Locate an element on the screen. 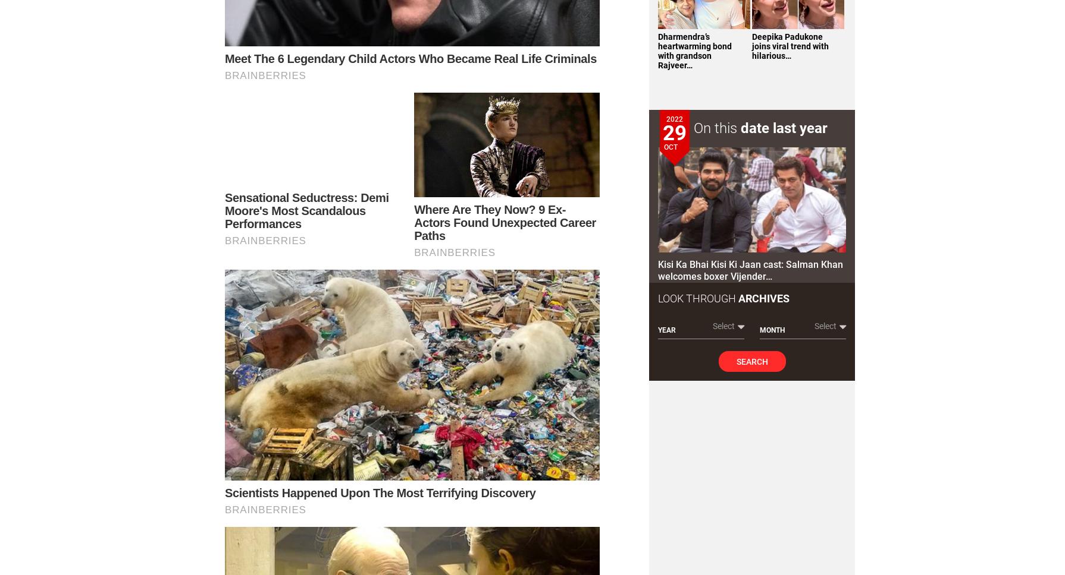  'Oct' is located at coordinates (664, 147).